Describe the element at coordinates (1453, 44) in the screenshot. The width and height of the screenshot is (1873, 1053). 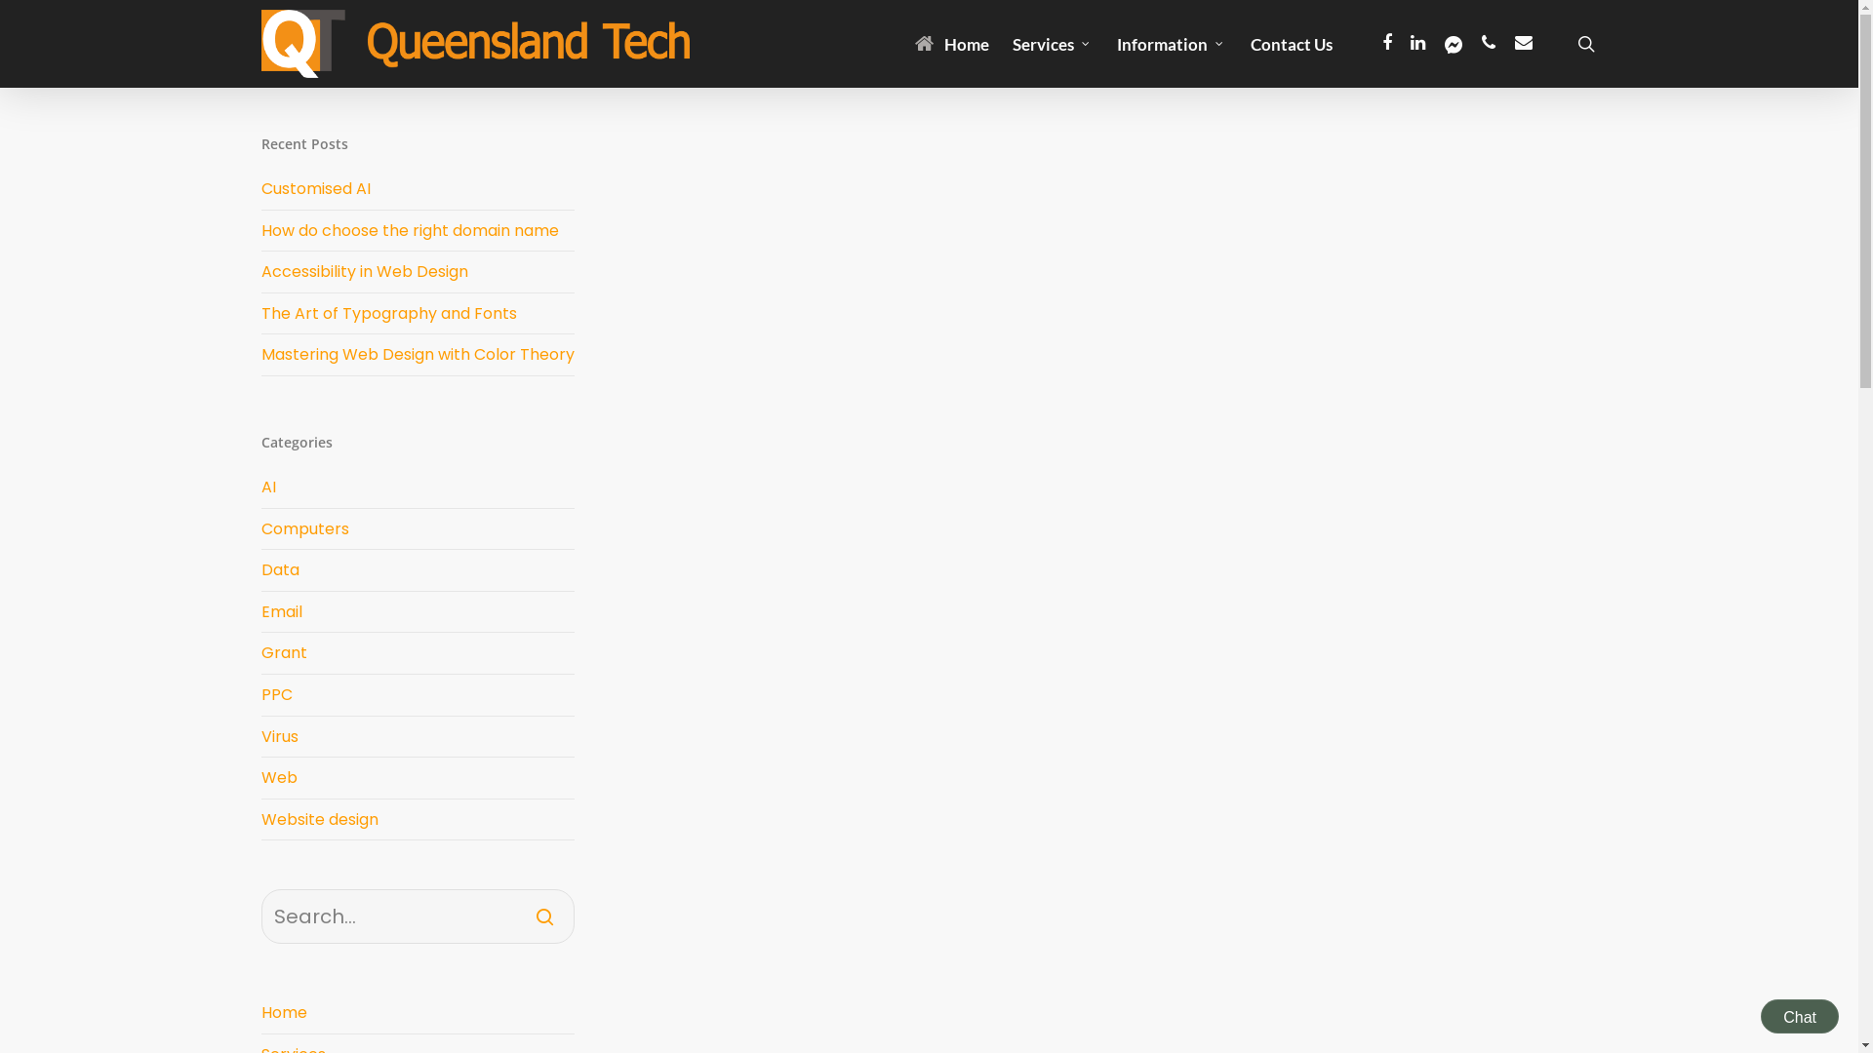
I see `'messenger'` at that location.